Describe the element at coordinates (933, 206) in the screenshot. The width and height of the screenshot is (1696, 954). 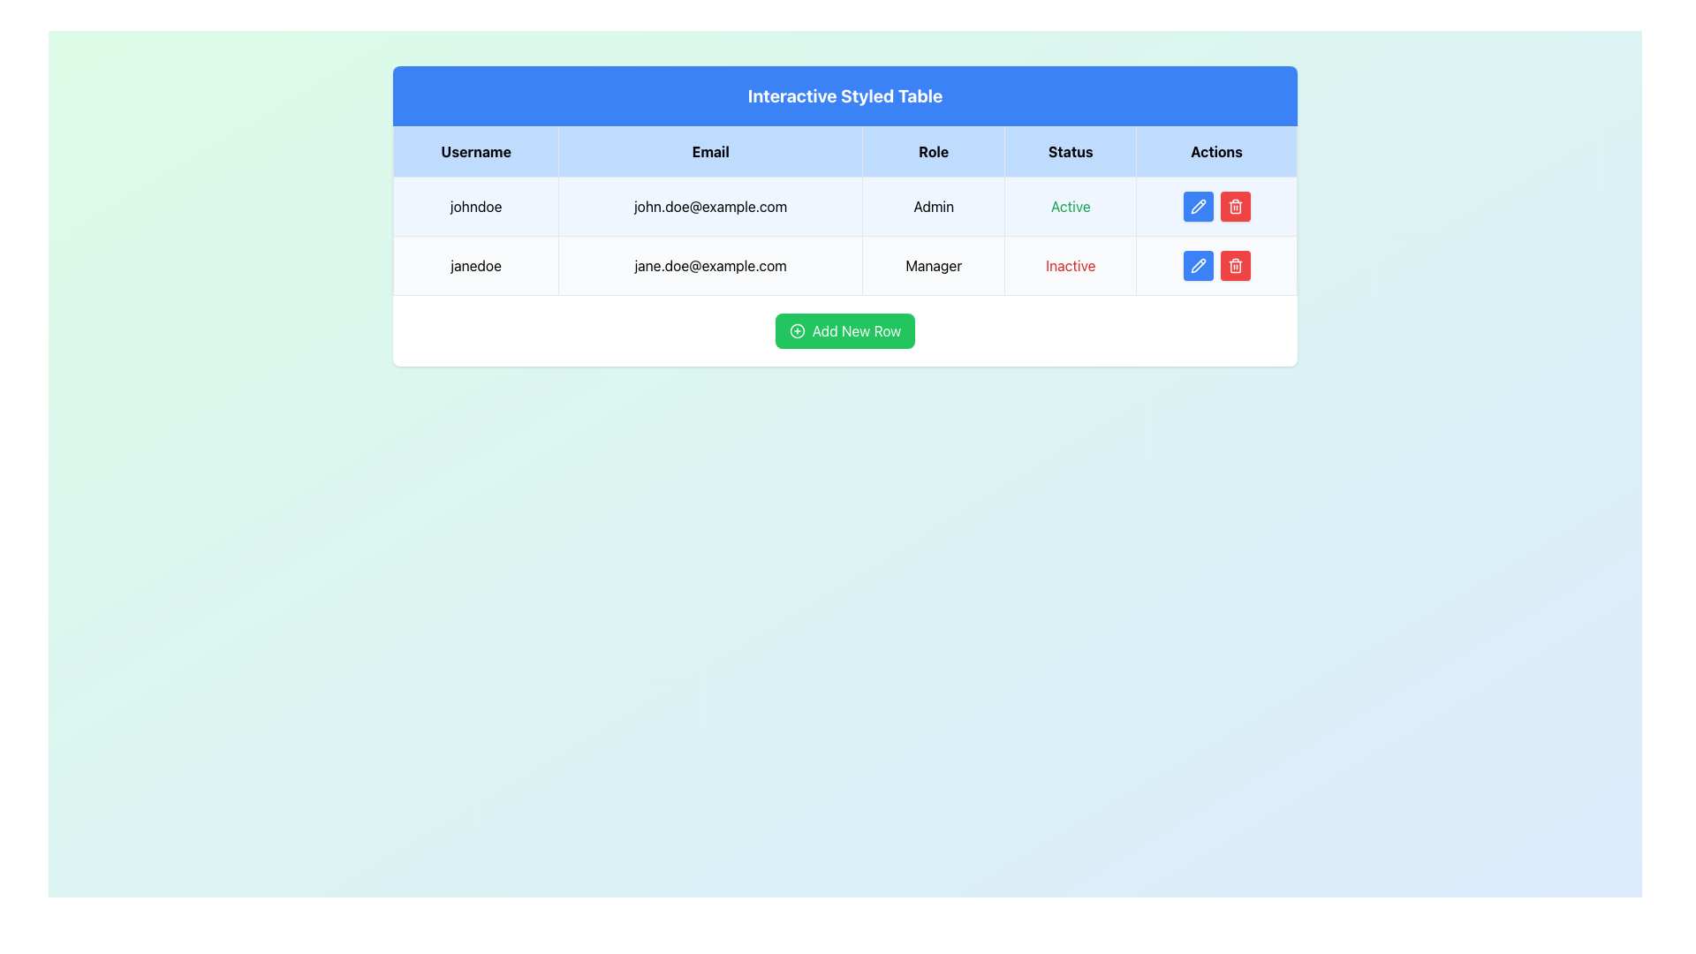
I see `the text label reading 'Admin' in the Role column for user 'johndoe'` at that location.